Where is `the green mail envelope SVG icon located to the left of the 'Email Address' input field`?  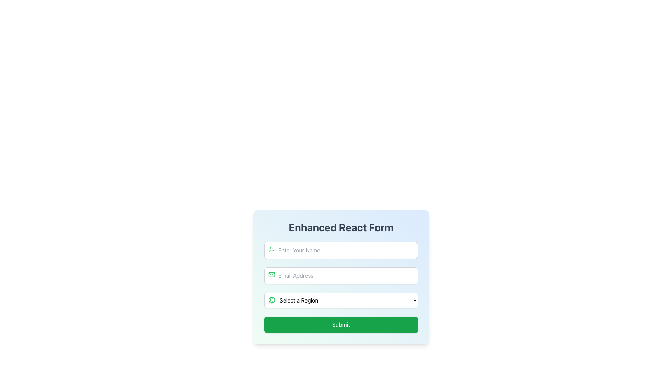 the green mail envelope SVG icon located to the left of the 'Email Address' input field is located at coordinates (271, 274).